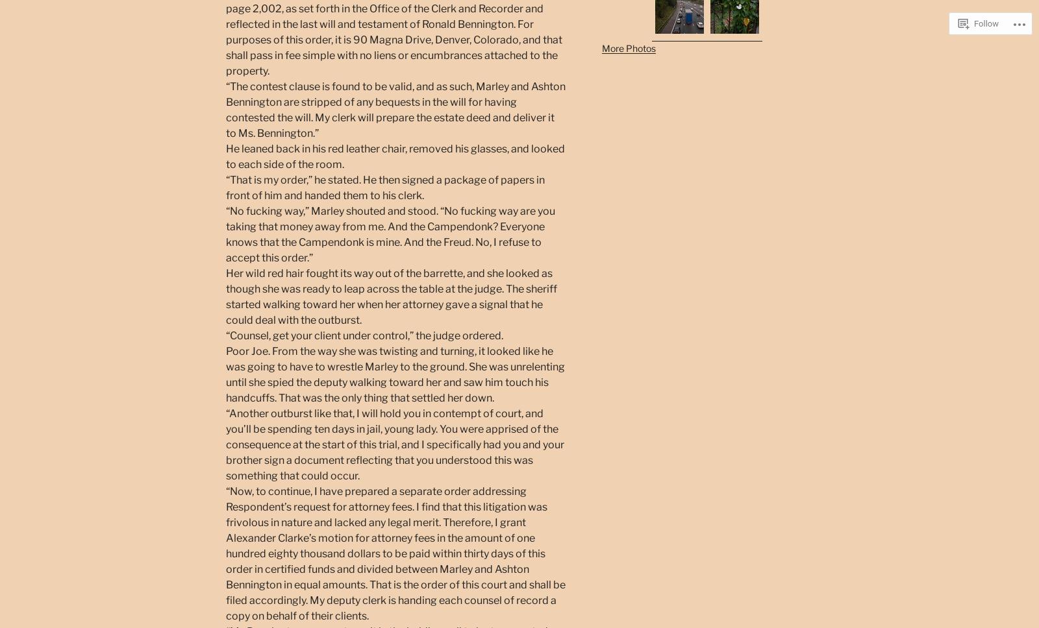 The image size is (1039, 628). I want to click on '“No fucking way,” Marley shouted and stood. “No fucking way are you taking that money away from me. And the Campendonk? Everyone knows that the Campendonk is mine. And the Freud. No, I refuse to accept this order.”', so click(390, 234).